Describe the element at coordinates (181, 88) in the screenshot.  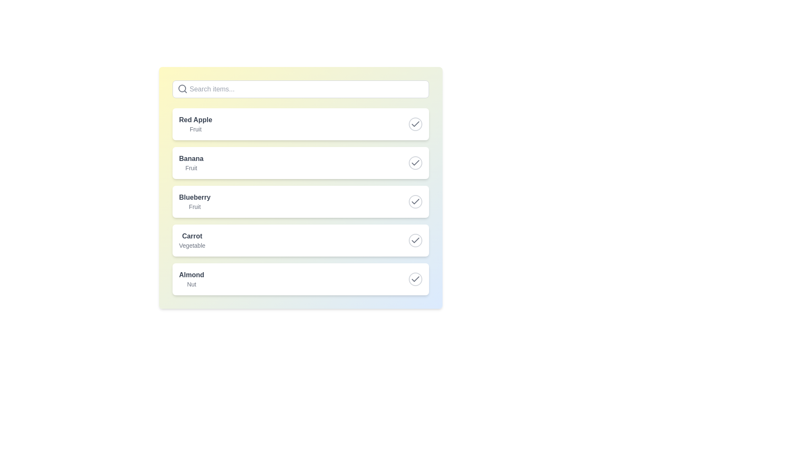
I see `the circular shape that is part of the SVG graphic located at the top left of the search bar` at that location.